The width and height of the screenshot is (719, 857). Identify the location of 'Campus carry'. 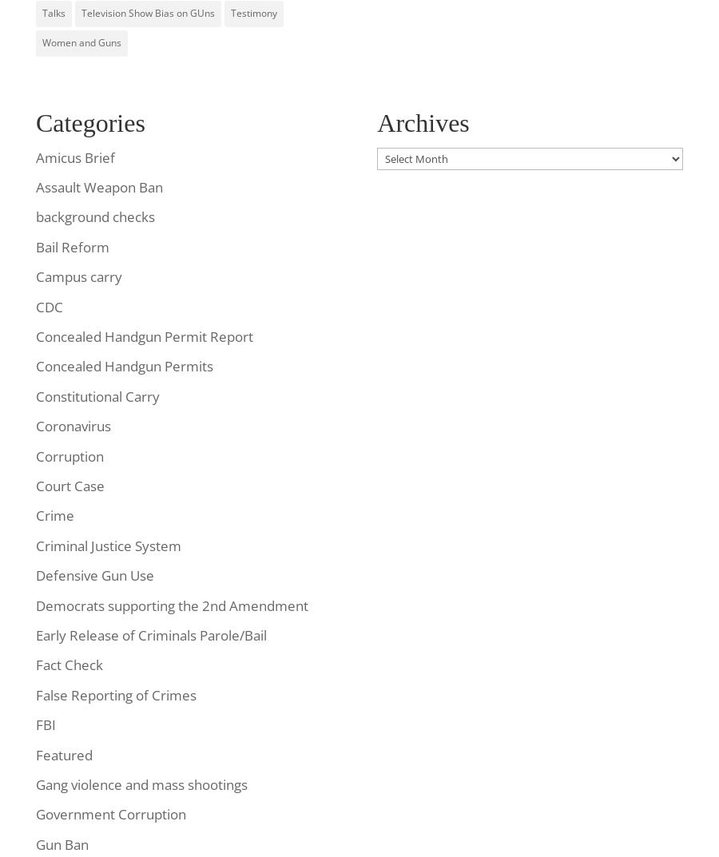
(78, 276).